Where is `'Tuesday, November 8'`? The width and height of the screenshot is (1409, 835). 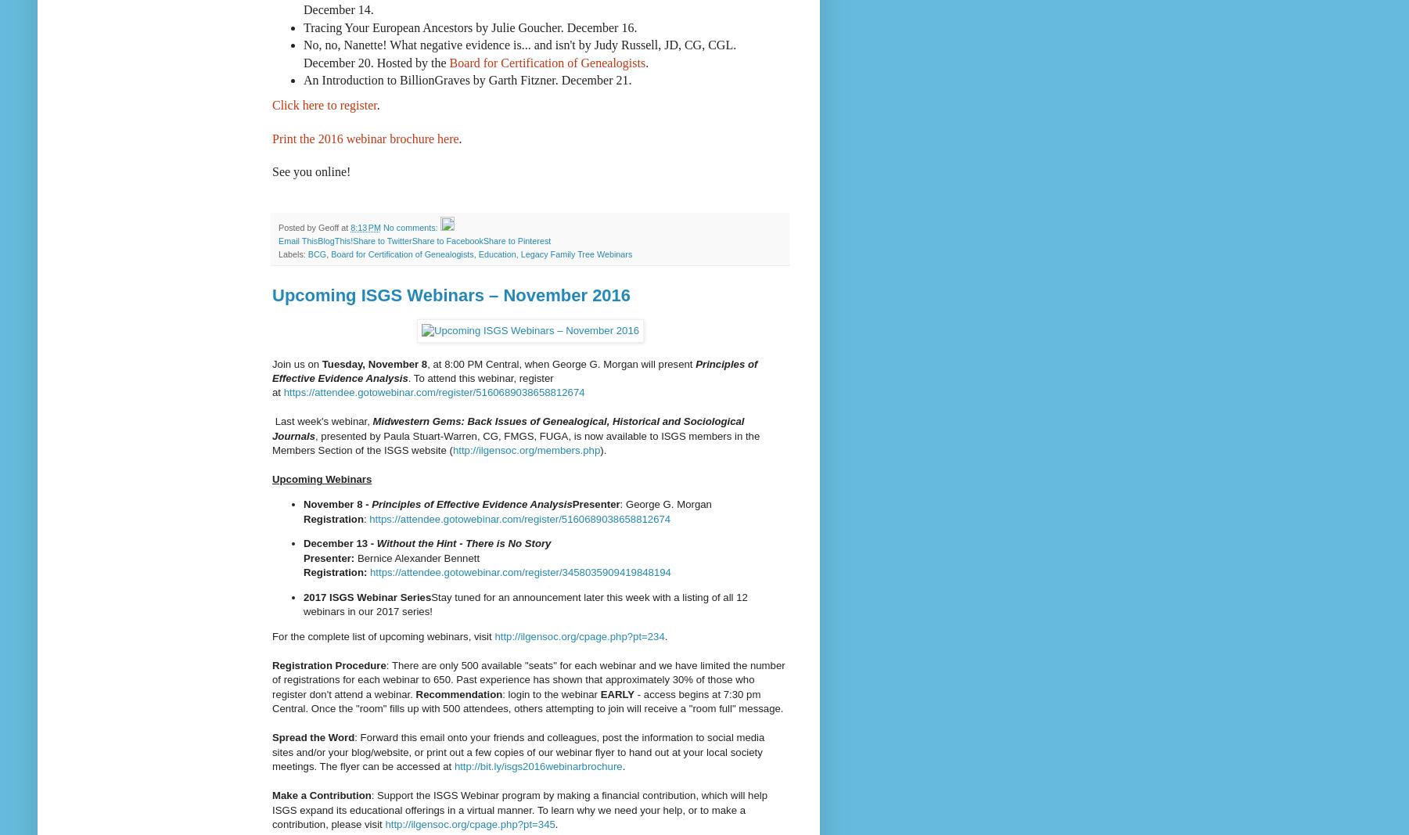
'Tuesday, November 8' is located at coordinates (373, 362).